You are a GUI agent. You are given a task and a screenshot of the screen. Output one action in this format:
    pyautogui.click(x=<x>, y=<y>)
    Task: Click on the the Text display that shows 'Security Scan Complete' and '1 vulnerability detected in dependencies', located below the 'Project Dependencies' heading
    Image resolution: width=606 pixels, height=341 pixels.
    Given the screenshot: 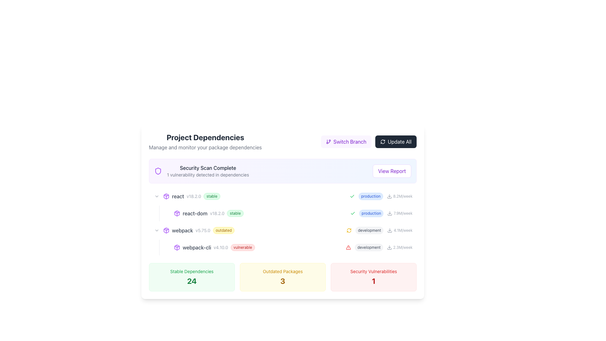 What is the action you would take?
    pyautogui.click(x=208, y=171)
    